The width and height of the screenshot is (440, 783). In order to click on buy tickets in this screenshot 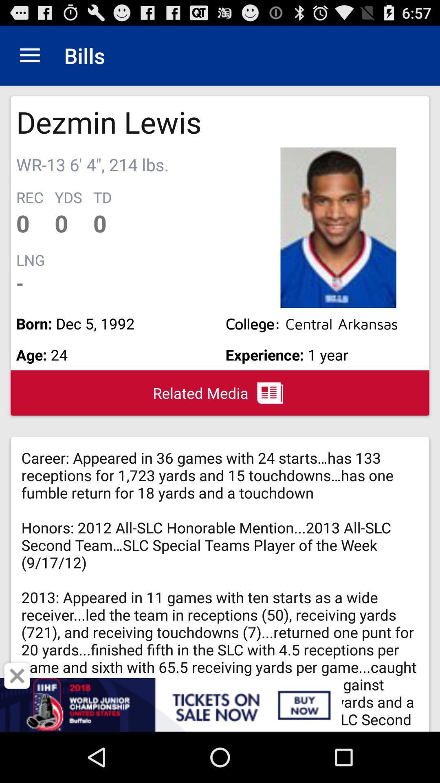, I will do `click(220, 704)`.